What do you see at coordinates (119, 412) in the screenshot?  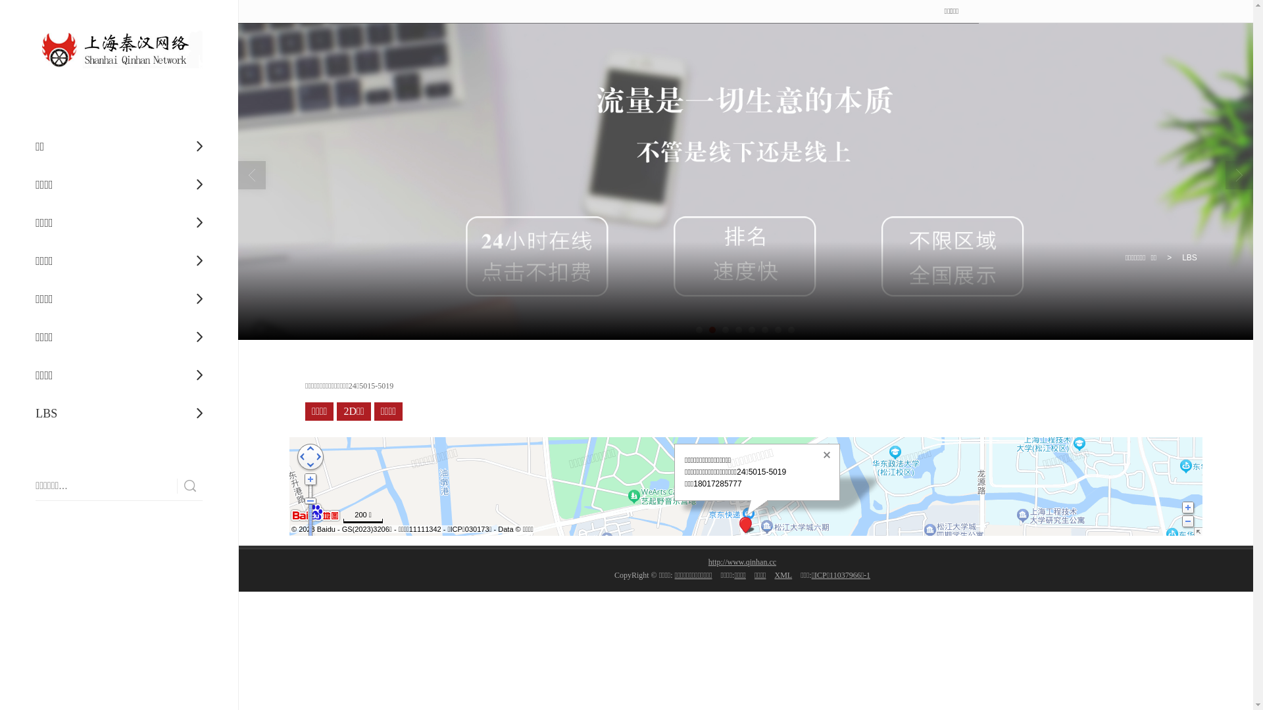 I see `'LBS'` at bounding box center [119, 412].